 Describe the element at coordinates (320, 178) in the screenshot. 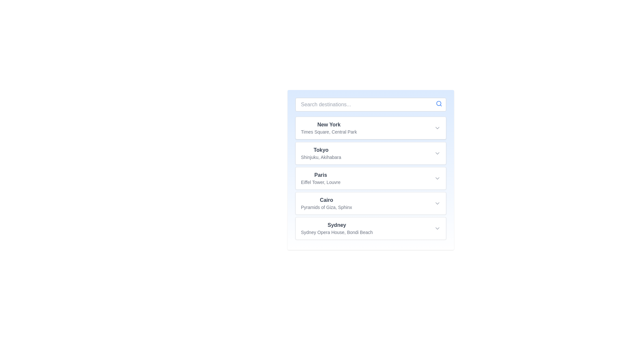

I see `the selectable item labeled 'Paris' in the menu` at that location.